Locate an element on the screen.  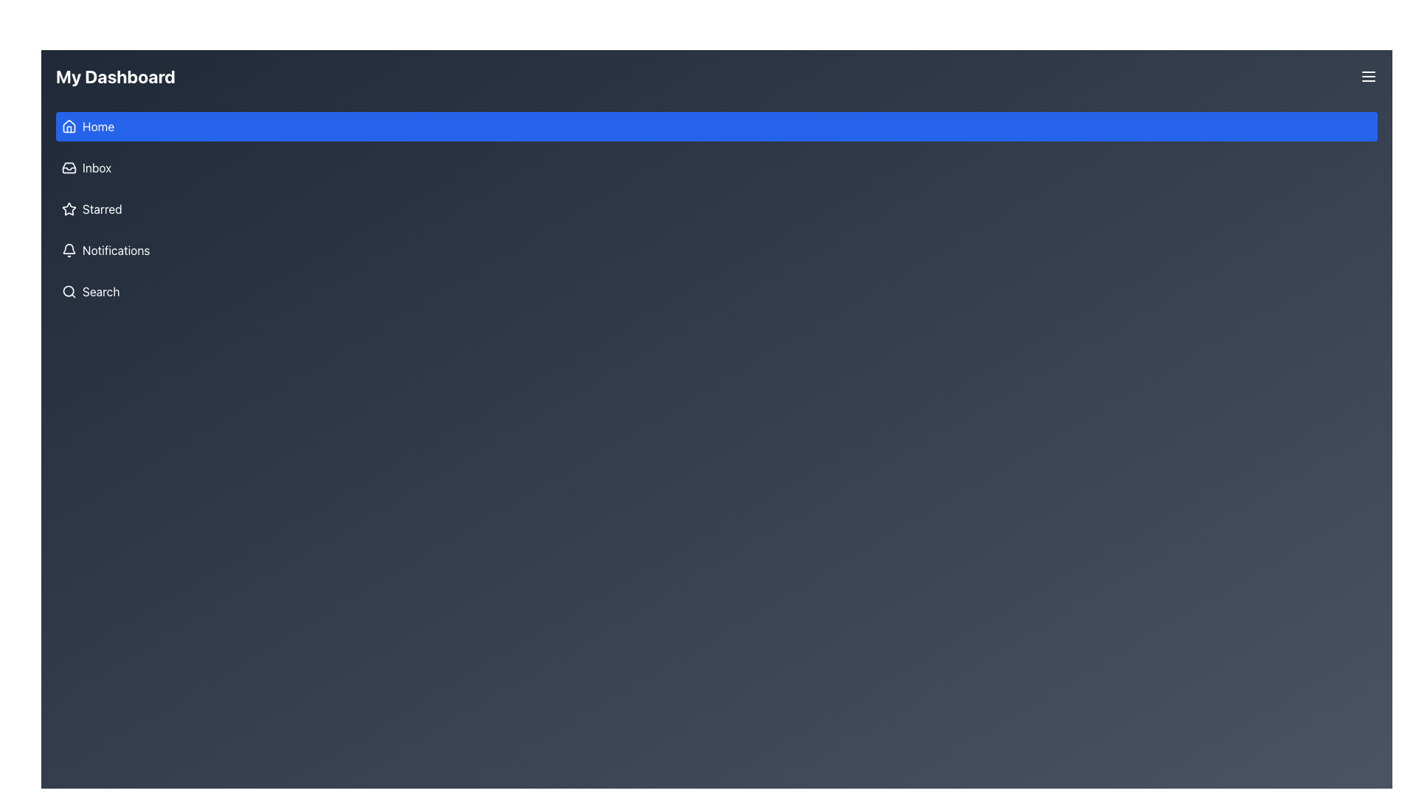
the notification icon located in the sidebar, which is the fourth entry from the top and precedes the text 'Notifications' is located at coordinates (69, 249).